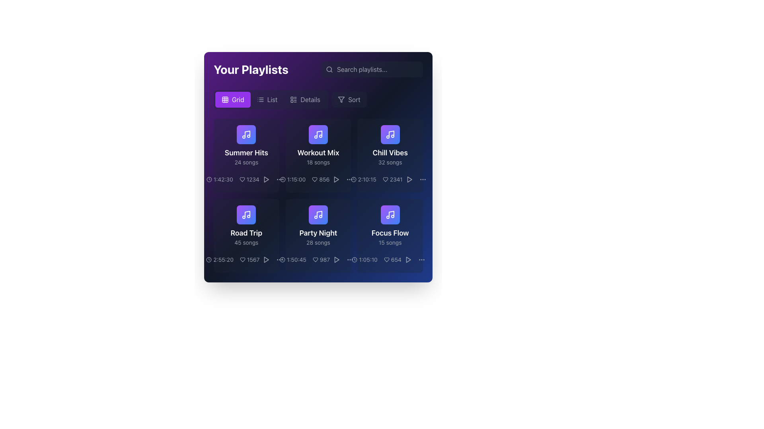 This screenshot has height=429, width=764. What do you see at coordinates (350, 260) in the screenshot?
I see `the ellipsis icon for options in the bottom-right corner of the 'Focus Flow' playlist card` at bounding box center [350, 260].